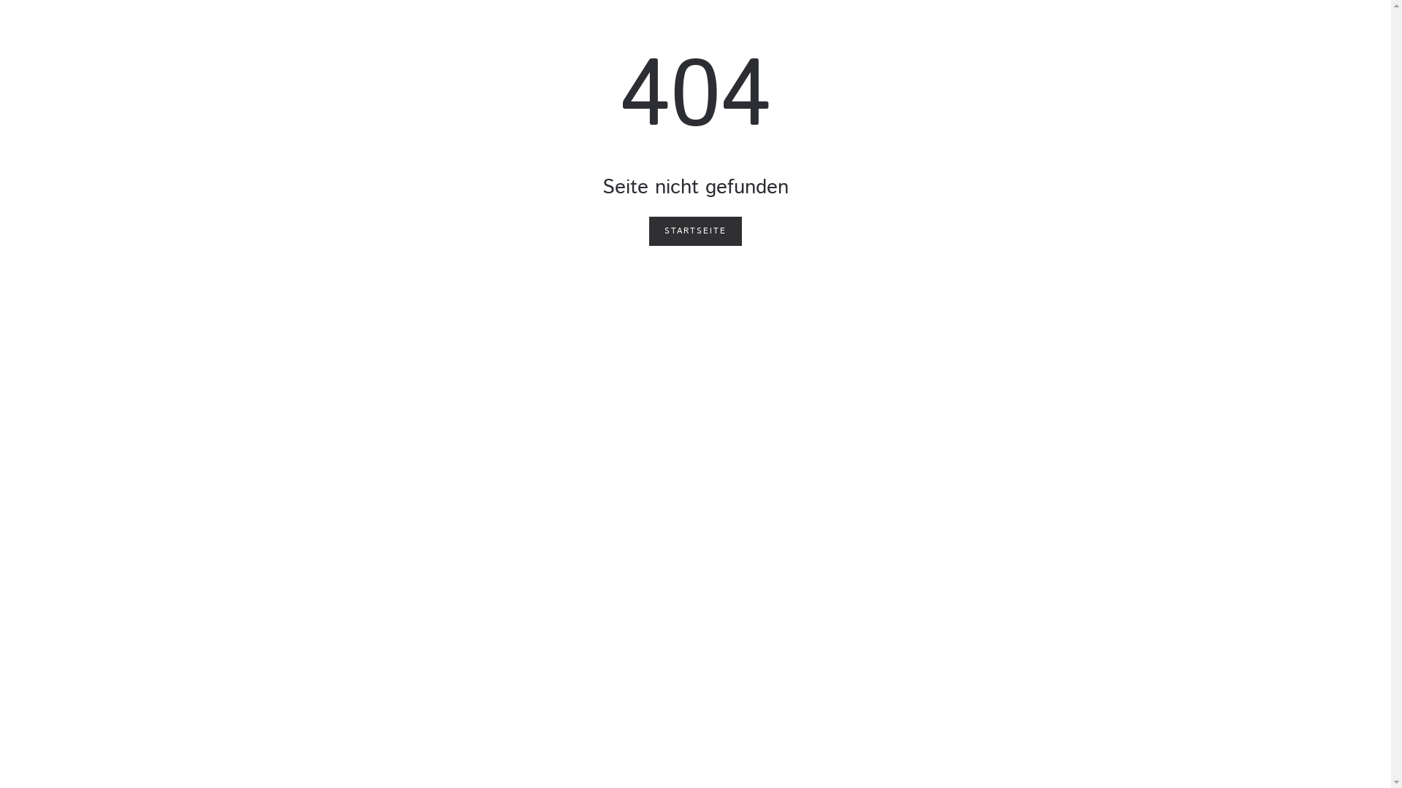 This screenshot has height=788, width=1402. I want to click on 'STARTSEITE', so click(694, 230).